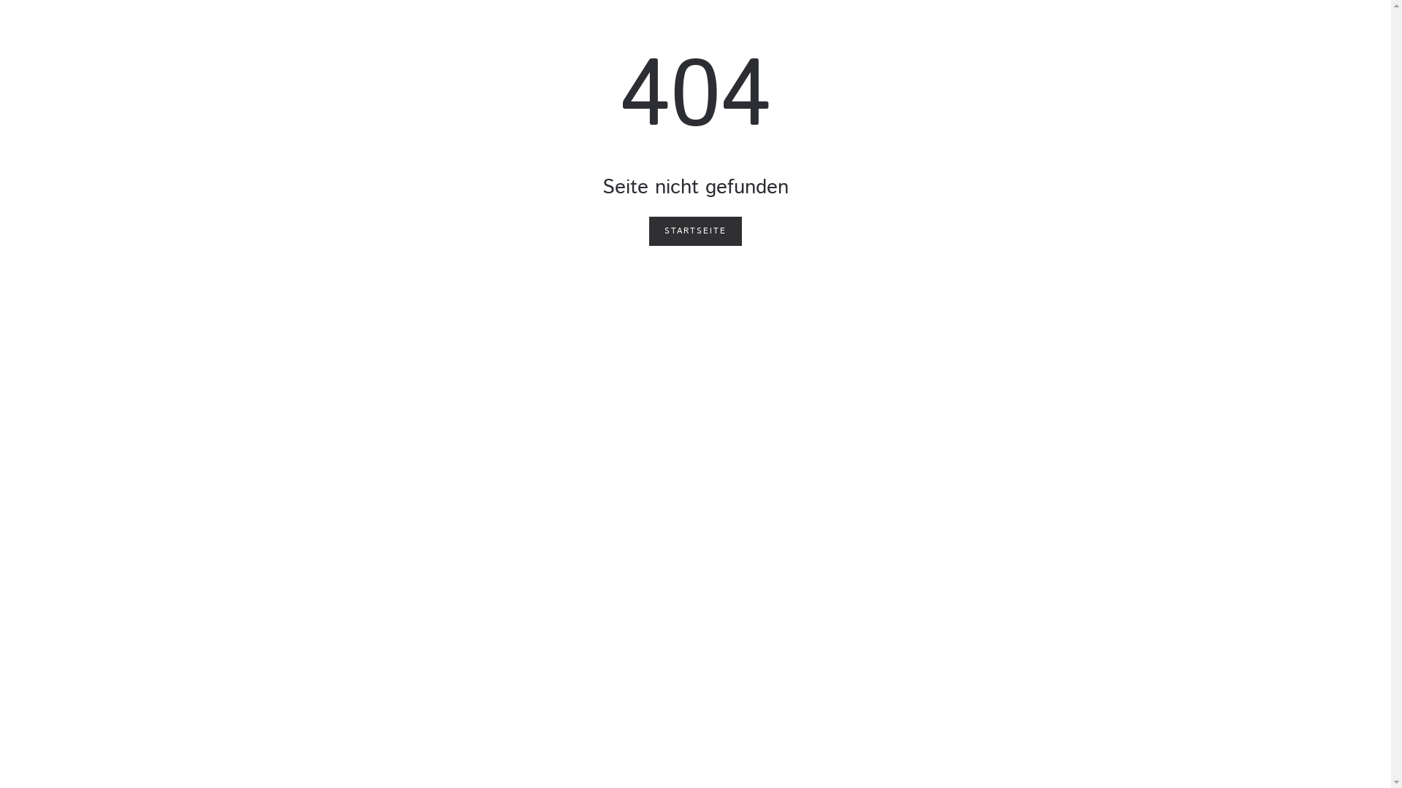 This screenshot has height=788, width=1402. I want to click on 'STARTSEITE', so click(694, 230).